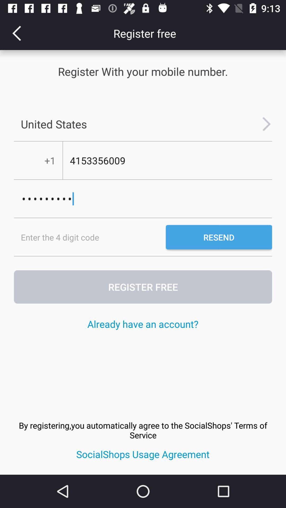 This screenshot has height=508, width=286. What do you see at coordinates (90, 237) in the screenshot?
I see `the item below the crowd3116 icon` at bounding box center [90, 237].